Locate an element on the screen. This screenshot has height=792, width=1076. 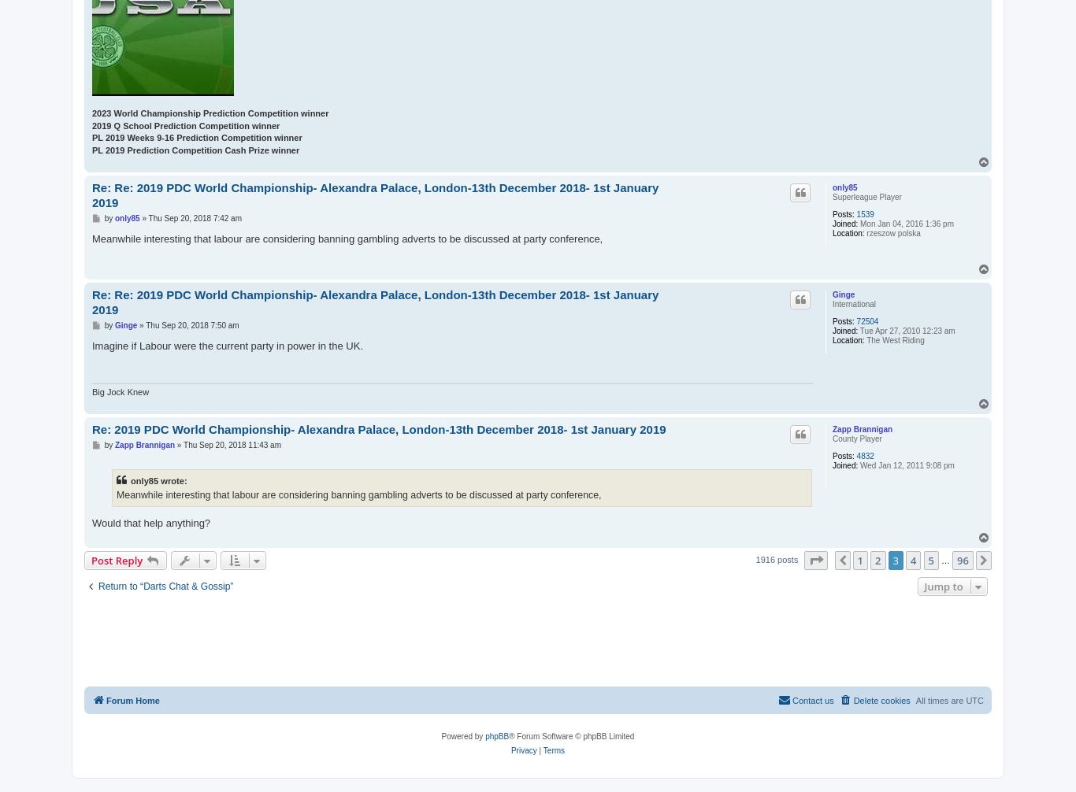
'Re: 2019 PDC World Championship- Alexandra Palace, London-13th December 2018- 1st January 2019' is located at coordinates (378, 429).